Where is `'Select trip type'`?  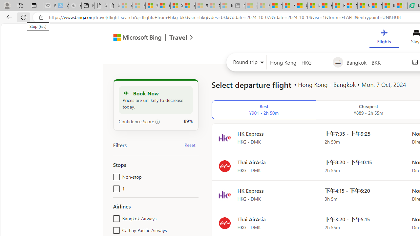
'Select trip type' is located at coordinates (246, 64).